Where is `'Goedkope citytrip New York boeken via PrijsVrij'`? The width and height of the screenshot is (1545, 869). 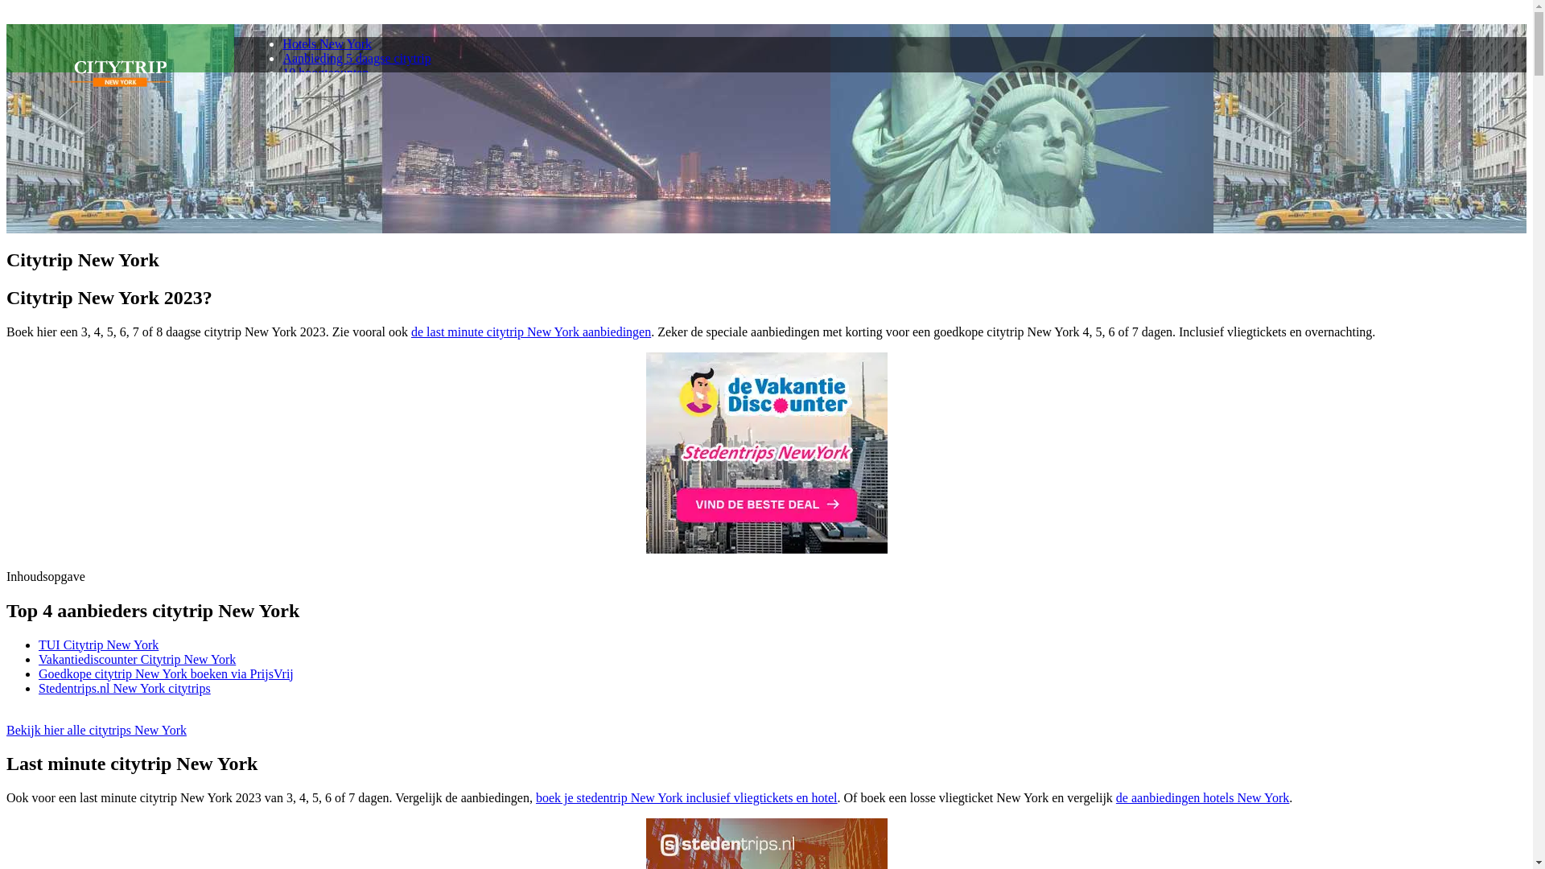
'Goedkope citytrip New York boeken via PrijsVrij' is located at coordinates (166, 673).